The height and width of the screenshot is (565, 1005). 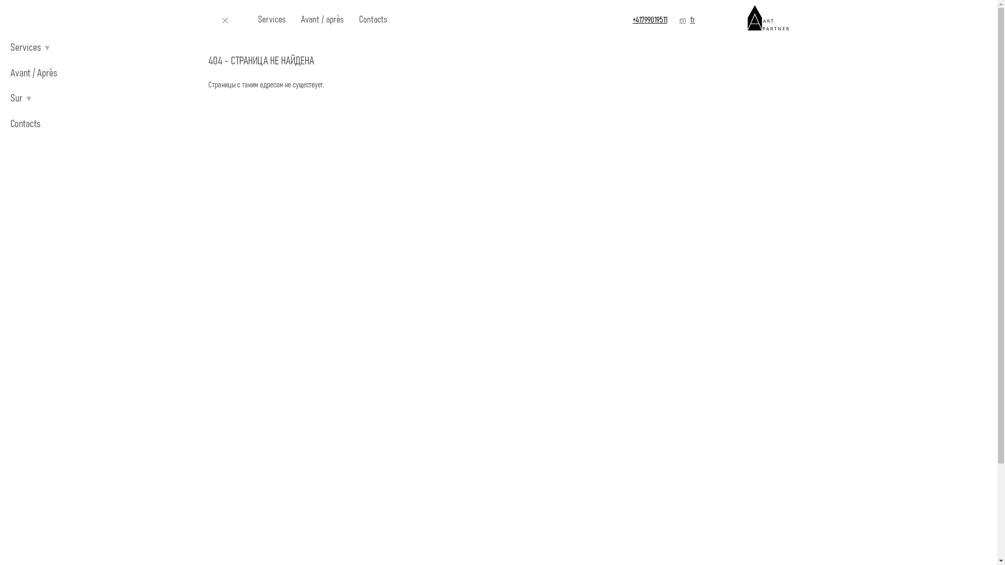 What do you see at coordinates (683, 20) in the screenshot?
I see `'en'` at bounding box center [683, 20].